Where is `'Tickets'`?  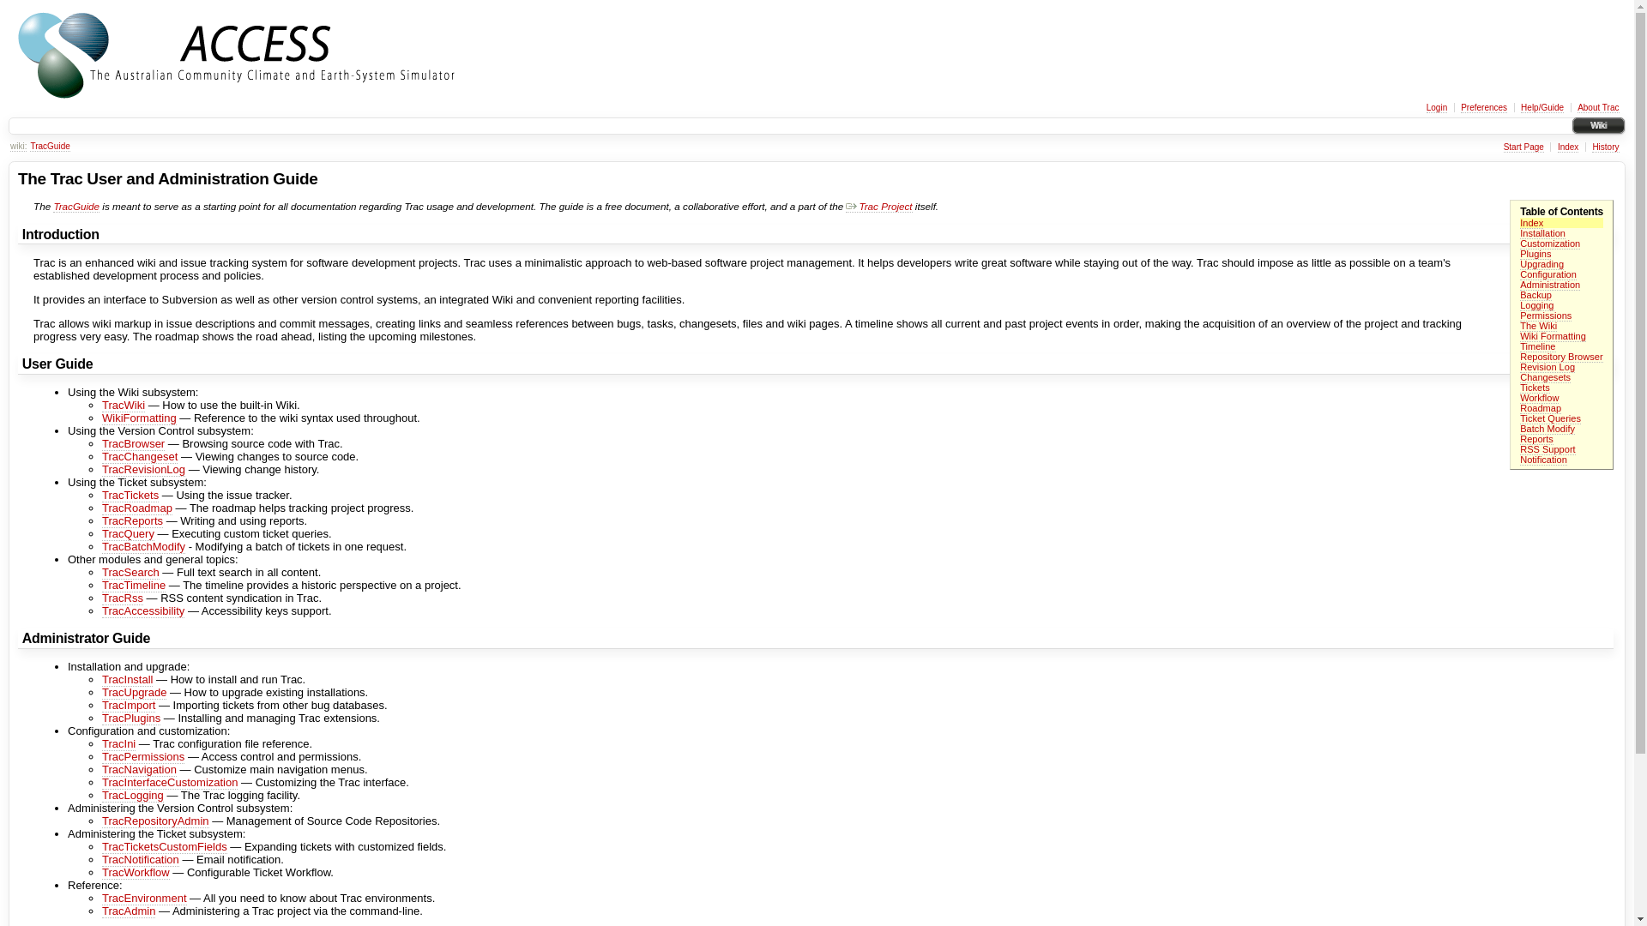
'Tickets' is located at coordinates (1535, 388).